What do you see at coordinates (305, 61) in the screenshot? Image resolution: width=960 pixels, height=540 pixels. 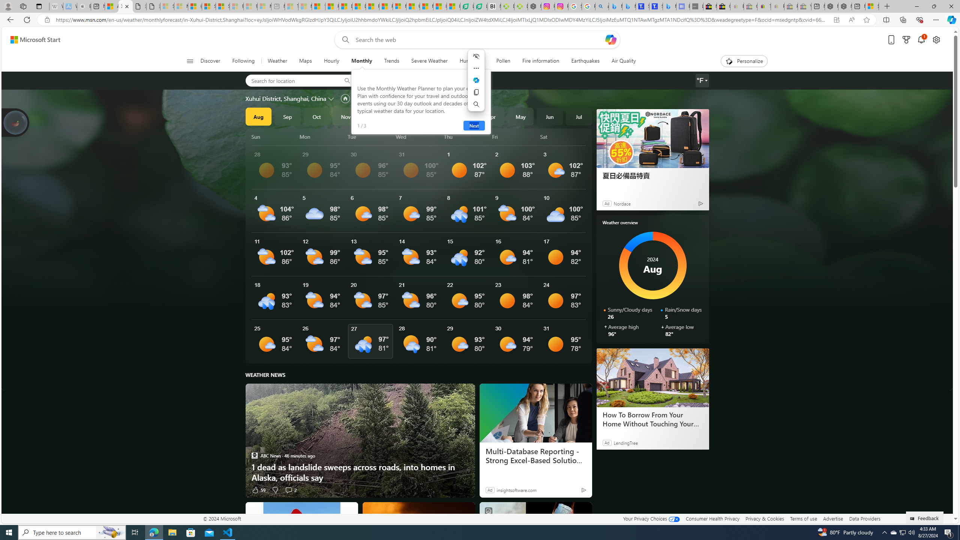 I see `'Maps'` at bounding box center [305, 61].